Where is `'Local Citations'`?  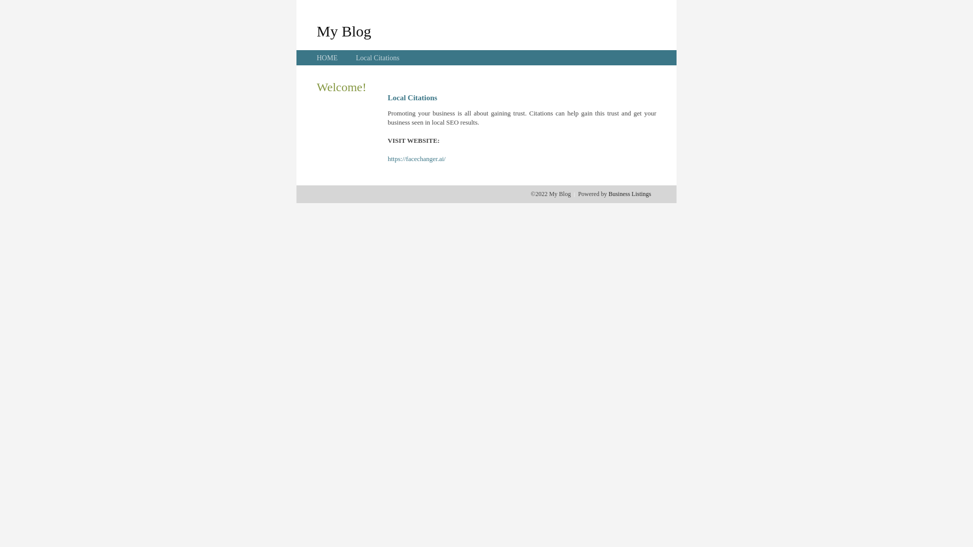
'Local Citations' is located at coordinates (377, 58).